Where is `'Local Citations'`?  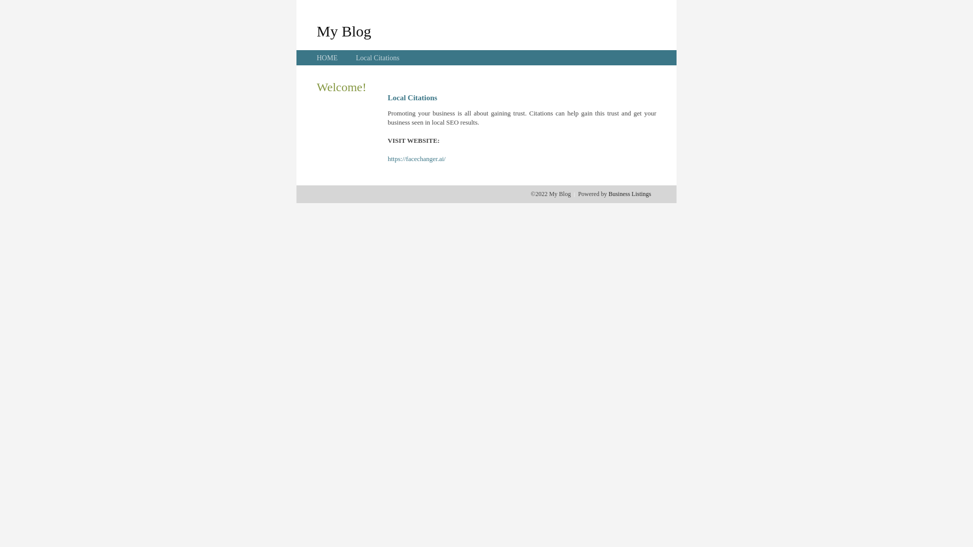
'Local Citations' is located at coordinates (377, 58).